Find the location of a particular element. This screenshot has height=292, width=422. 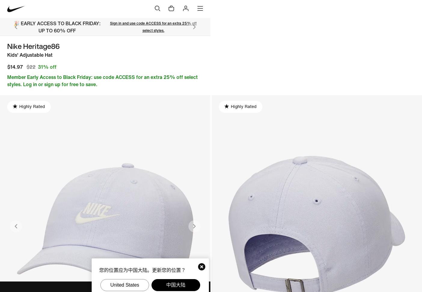

'Air Force 1' is located at coordinates (175, 46).